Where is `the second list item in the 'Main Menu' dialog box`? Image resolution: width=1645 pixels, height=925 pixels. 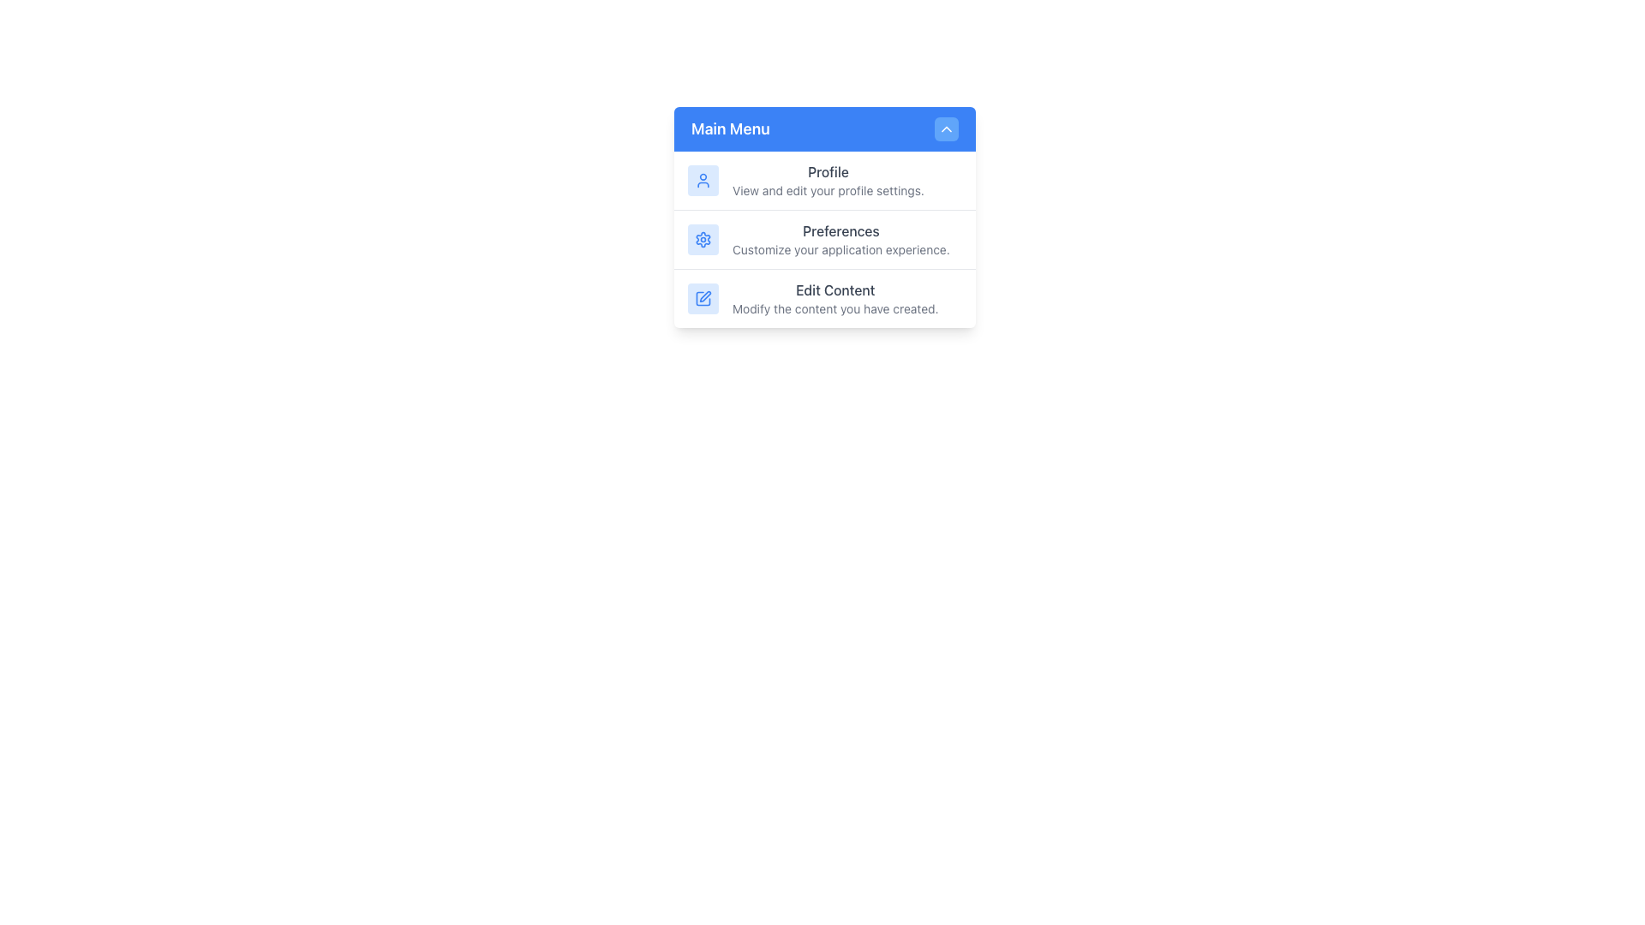 the second list item in the 'Main Menu' dialog box is located at coordinates (825, 240).